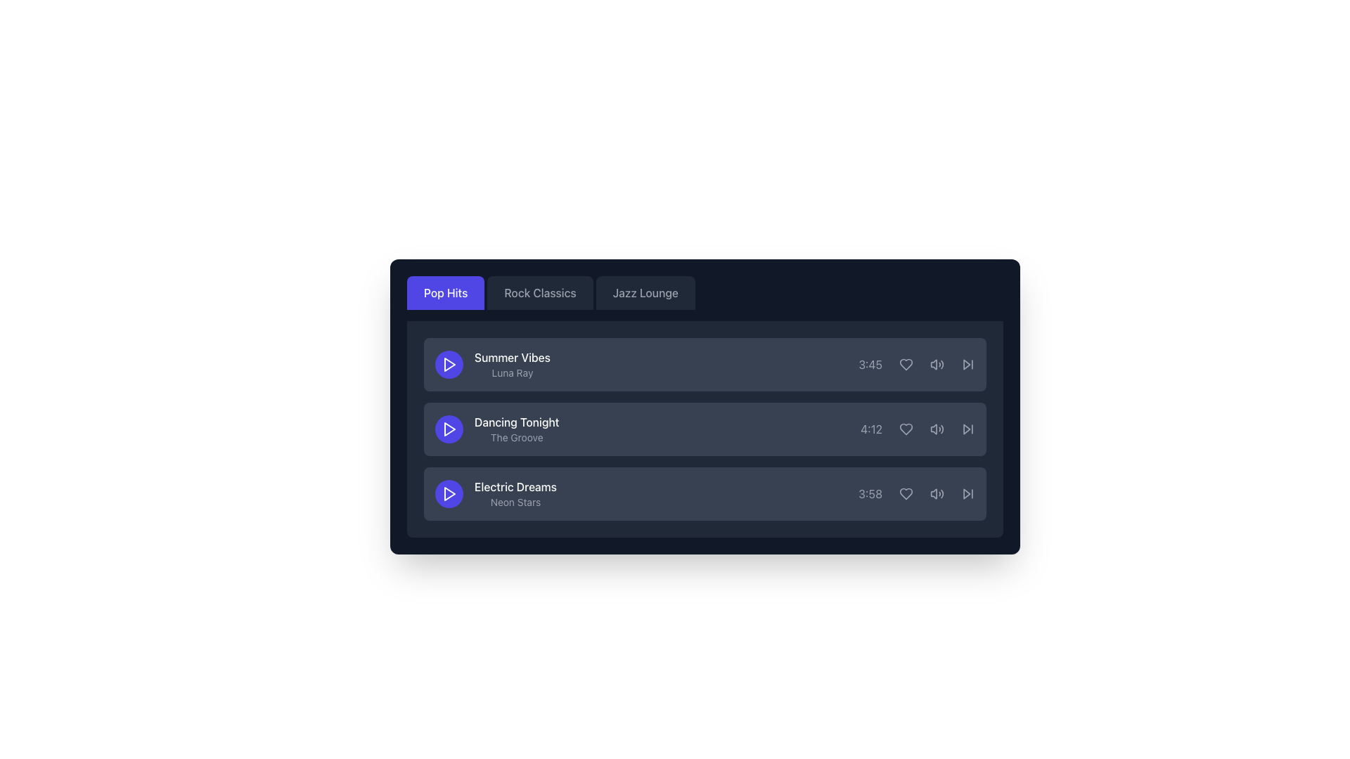 Image resolution: width=1350 pixels, height=759 pixels. Describe the element at coordinates (496, 493) in the screenshot. I see `displayed text from the third item in the vertical list of music tracks, which shows the title and artist of the current music track` at that location.